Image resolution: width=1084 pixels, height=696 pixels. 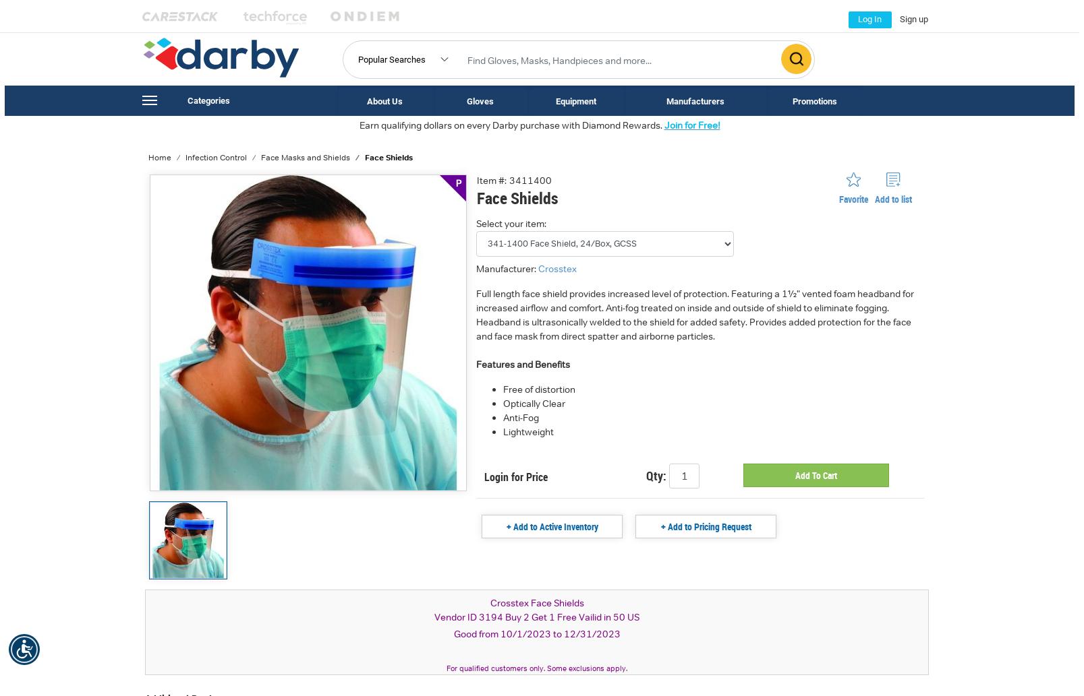 What do you see at coordinates (522, 362) in the screenshot?
I see `'Features and Benefits'` at bounding box center [522, 362].